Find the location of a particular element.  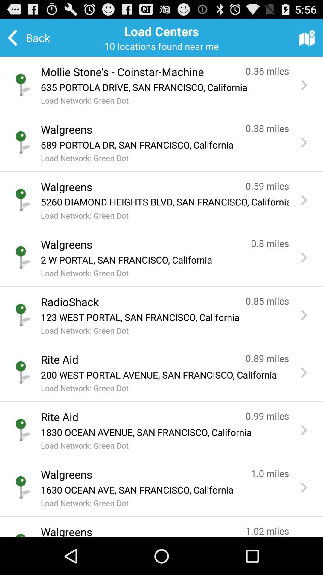

the app above the load network green item is located at coordinates (165, 202).